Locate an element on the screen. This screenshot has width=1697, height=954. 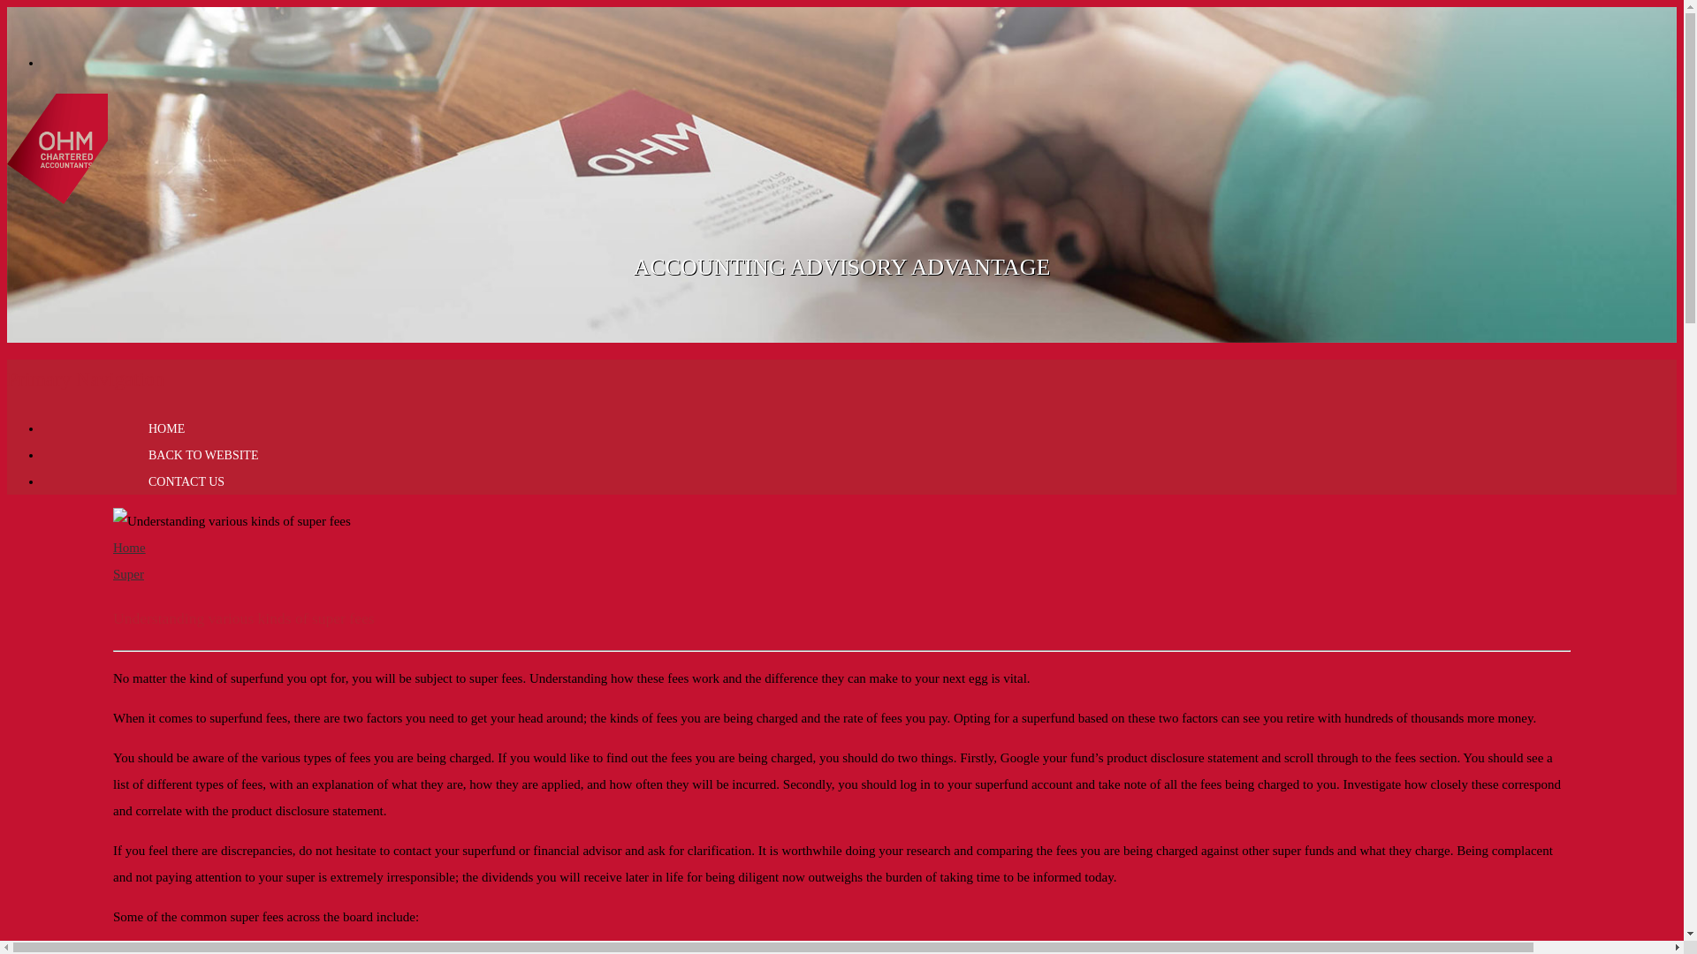
'CONTACT US' is located at coordinates (186, 481).